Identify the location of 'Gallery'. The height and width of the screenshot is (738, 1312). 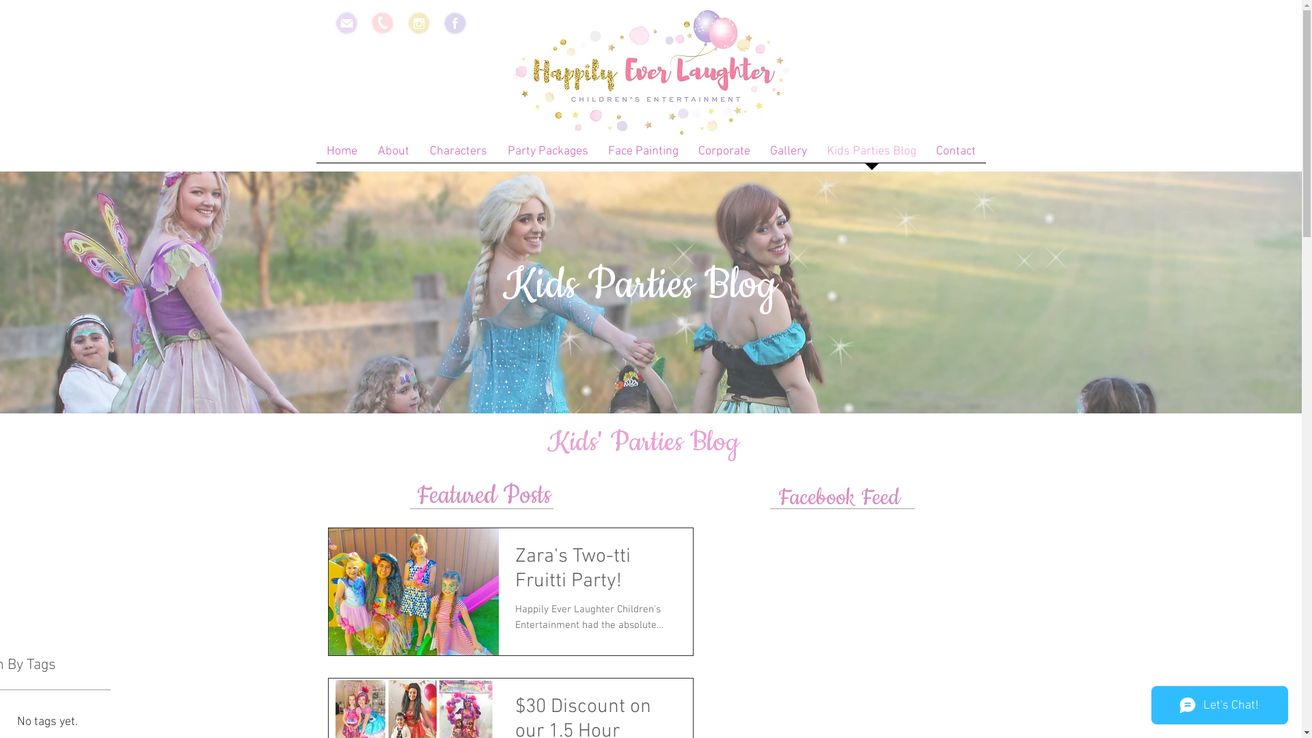
(788, 154).